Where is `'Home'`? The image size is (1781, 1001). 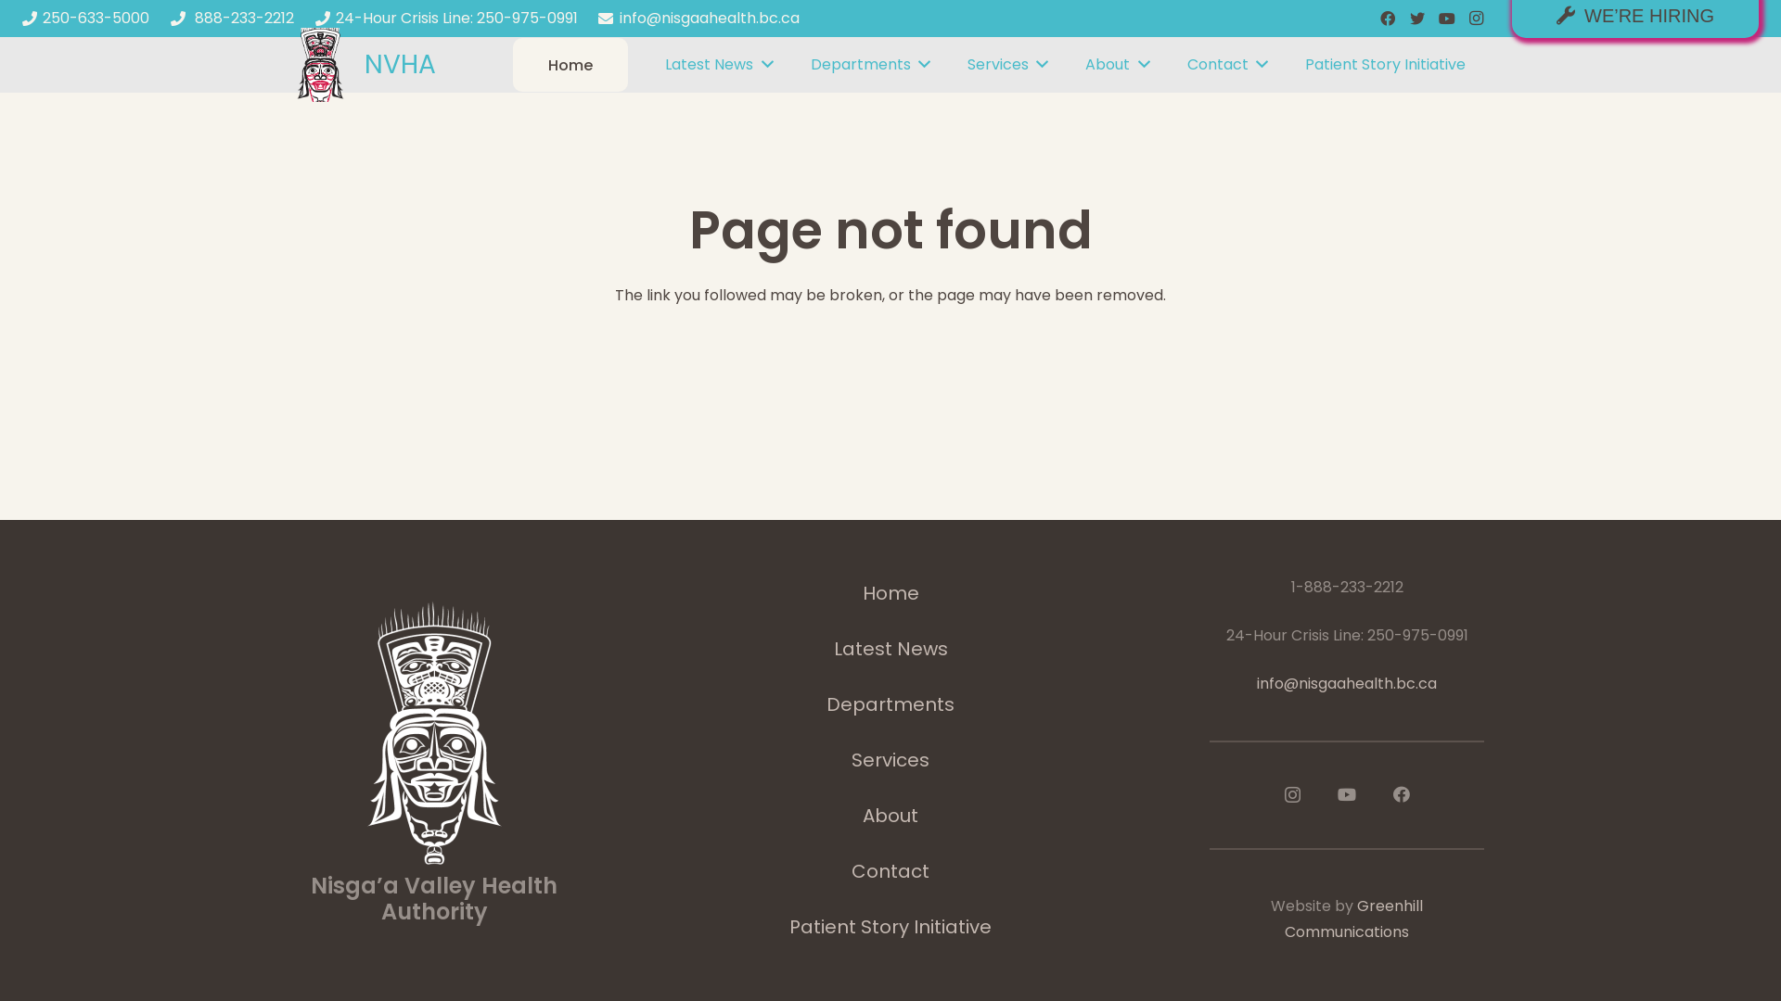
'Home' is located at coordinates (570, 64).